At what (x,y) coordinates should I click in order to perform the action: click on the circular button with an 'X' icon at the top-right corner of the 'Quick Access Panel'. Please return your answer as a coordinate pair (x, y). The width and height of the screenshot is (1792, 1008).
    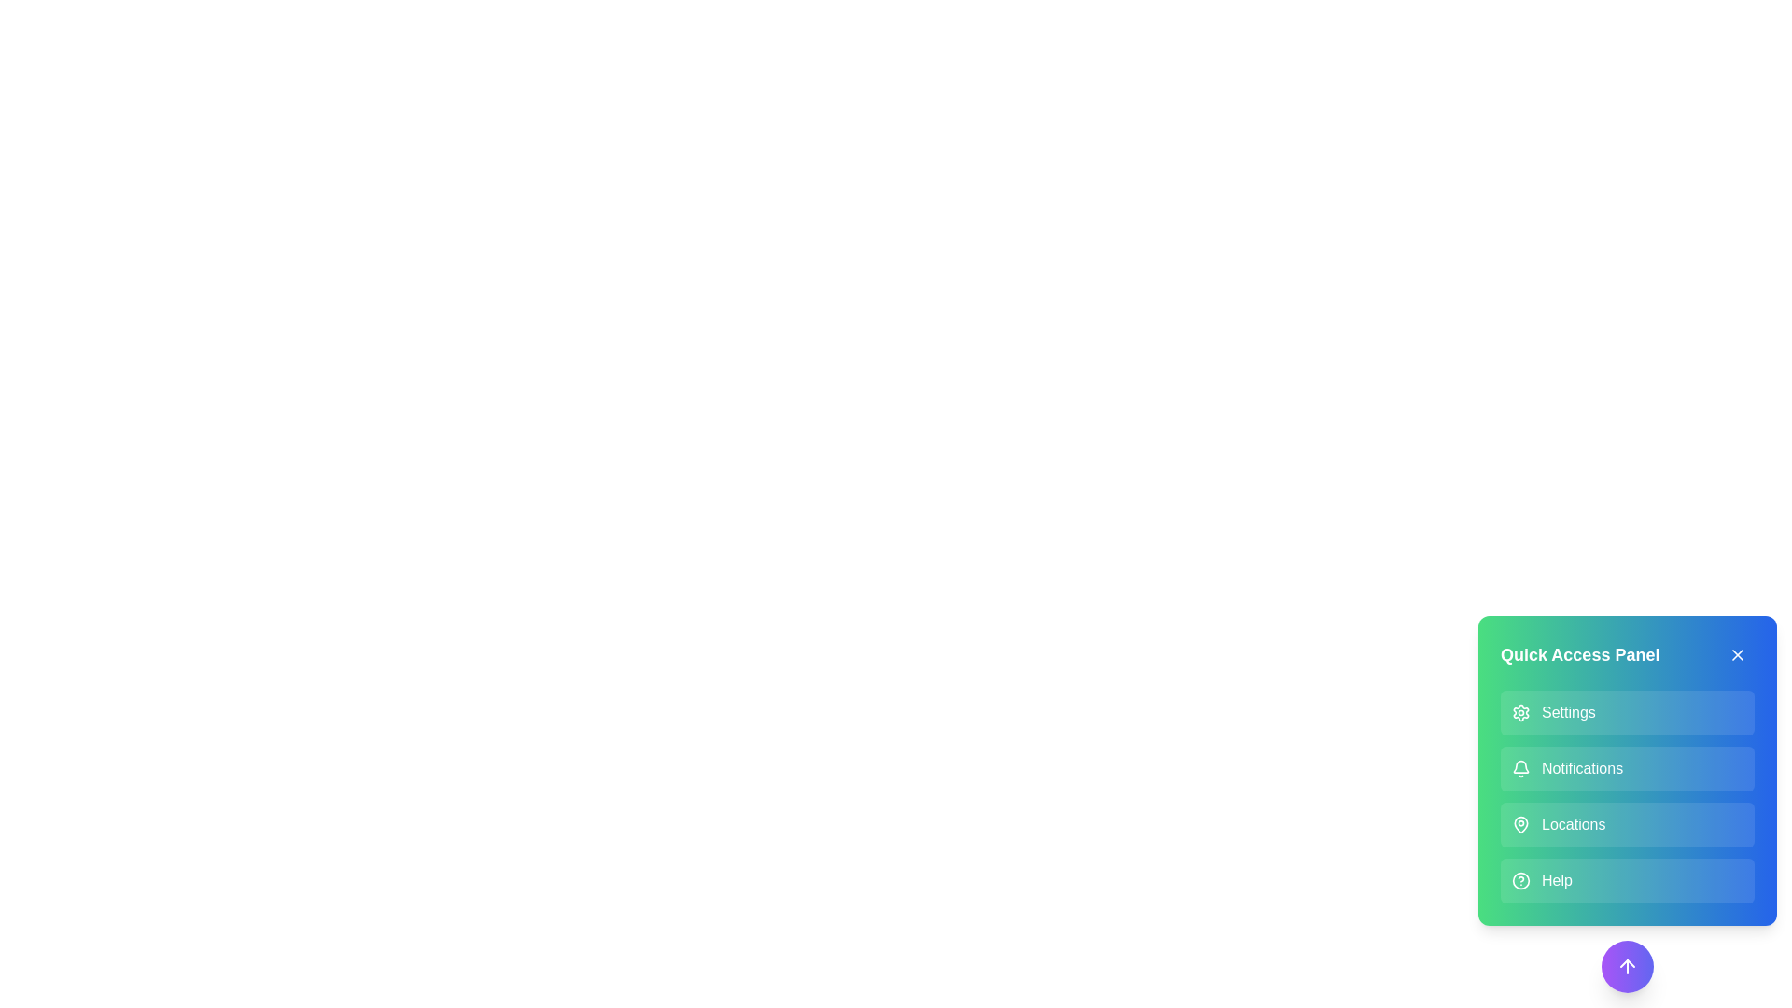
    Looking at the image, I should click on (1737, 654).